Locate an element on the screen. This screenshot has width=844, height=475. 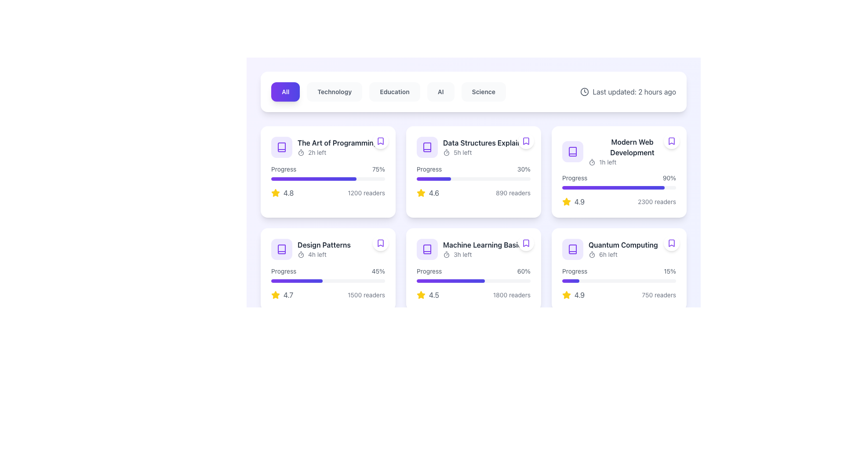
the circular timer-like icon located in the 'Data Structures Explained' card, to the left of the text '5h left' is located at coordinates (447, 152).